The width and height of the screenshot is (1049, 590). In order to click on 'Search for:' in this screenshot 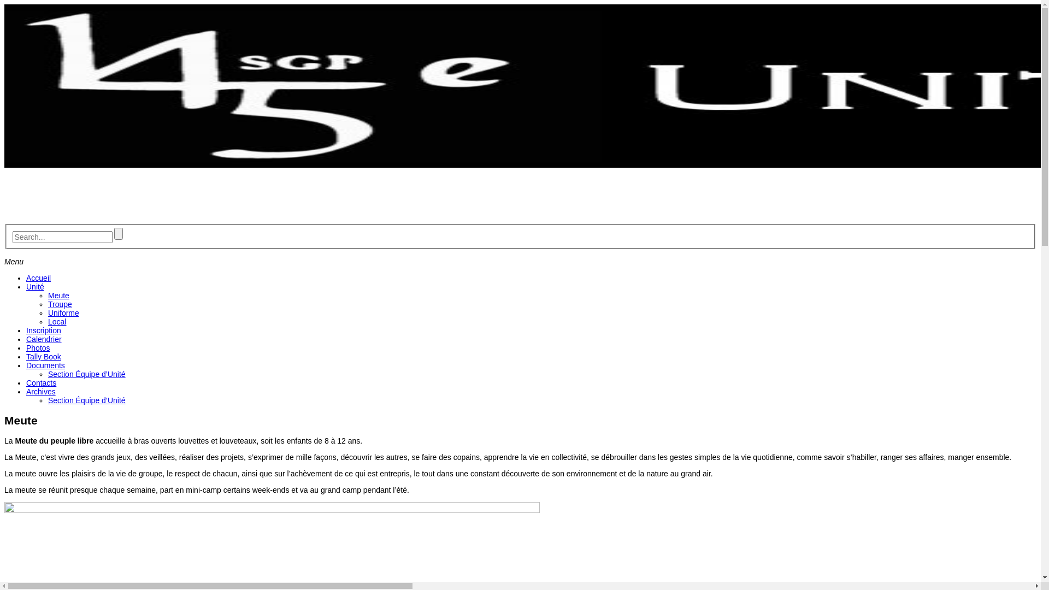, I will do `click(61, 237)`.